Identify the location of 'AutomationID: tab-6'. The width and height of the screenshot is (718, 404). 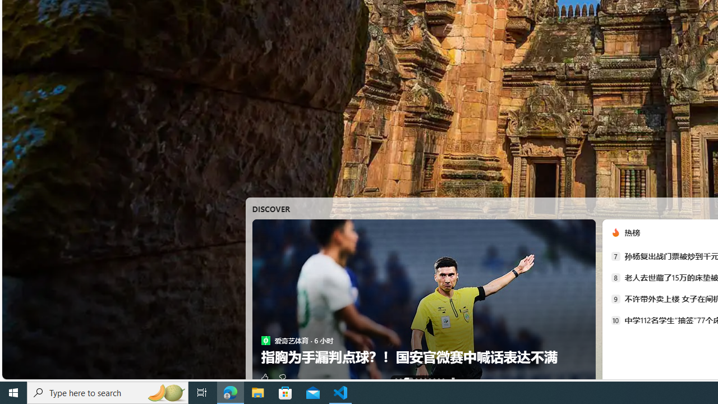
(429, 379).